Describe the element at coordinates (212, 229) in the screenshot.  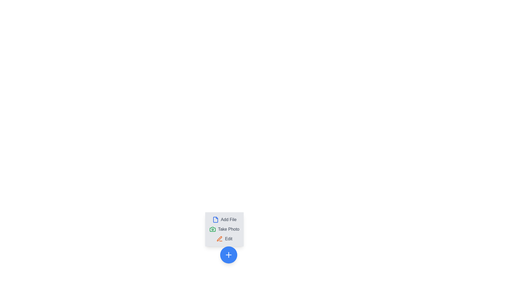
I see `the camera icon located adjacent to the 'Take Photo' text, which is the second item in a vertically stacked list of menu items` at that location.